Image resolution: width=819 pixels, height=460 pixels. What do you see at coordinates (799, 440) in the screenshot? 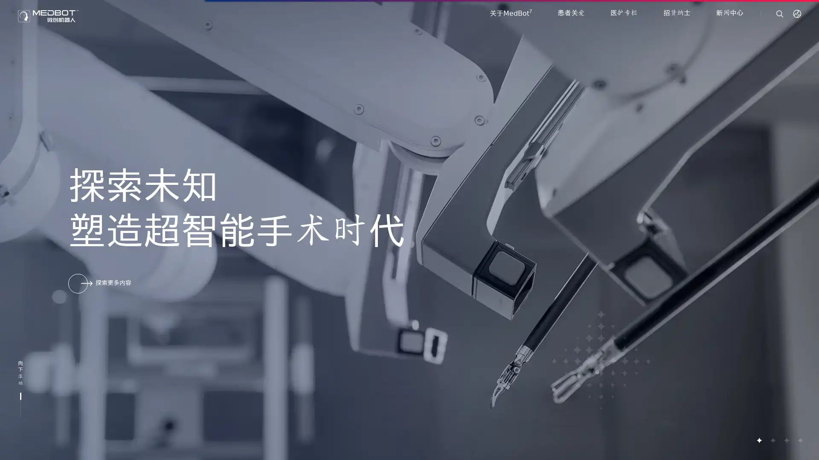
I see `Go to slide 4` at bounding box center [799, 440].